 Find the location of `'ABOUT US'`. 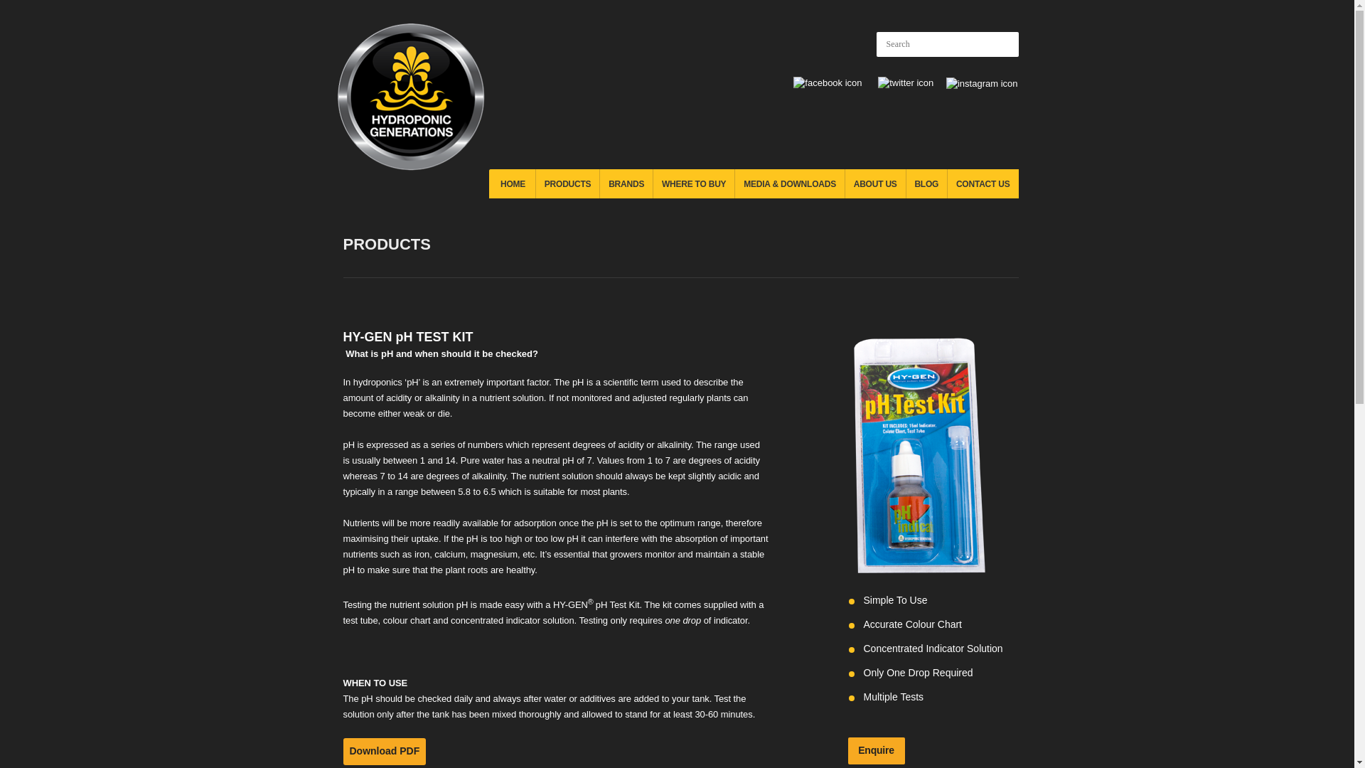

'ABOUT US' is located at coordinates (874, 183).